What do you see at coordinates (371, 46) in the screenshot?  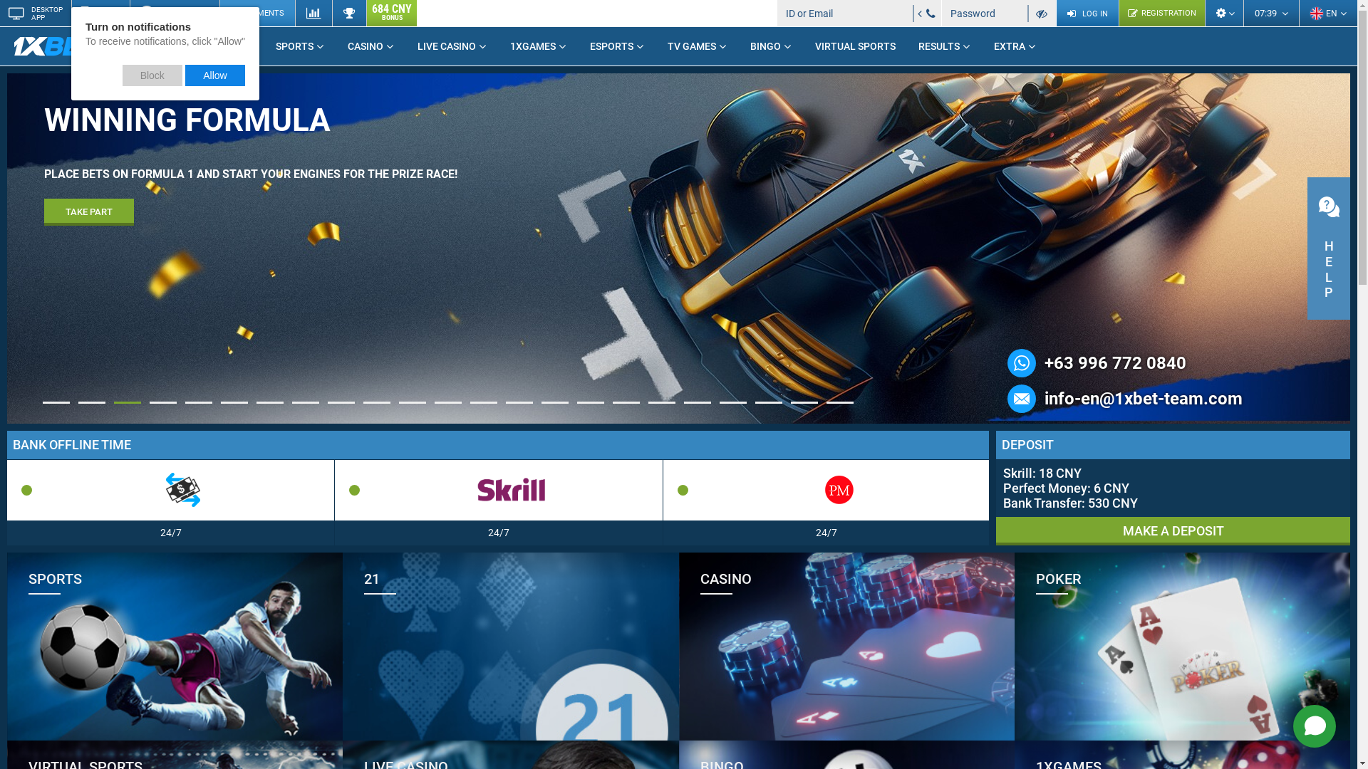 I see `'CASINO'` at bounding box center [371, 46].